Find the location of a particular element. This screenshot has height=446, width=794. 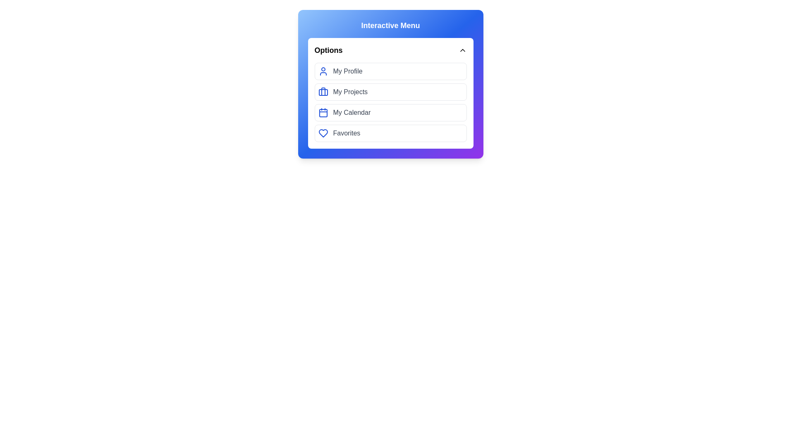

the 'Favorites' text label, which is styled in gray and positioned to the right of a heart-shaped icon in the bottom-most entry of a menu with four options is located at coordinates (347, 133).